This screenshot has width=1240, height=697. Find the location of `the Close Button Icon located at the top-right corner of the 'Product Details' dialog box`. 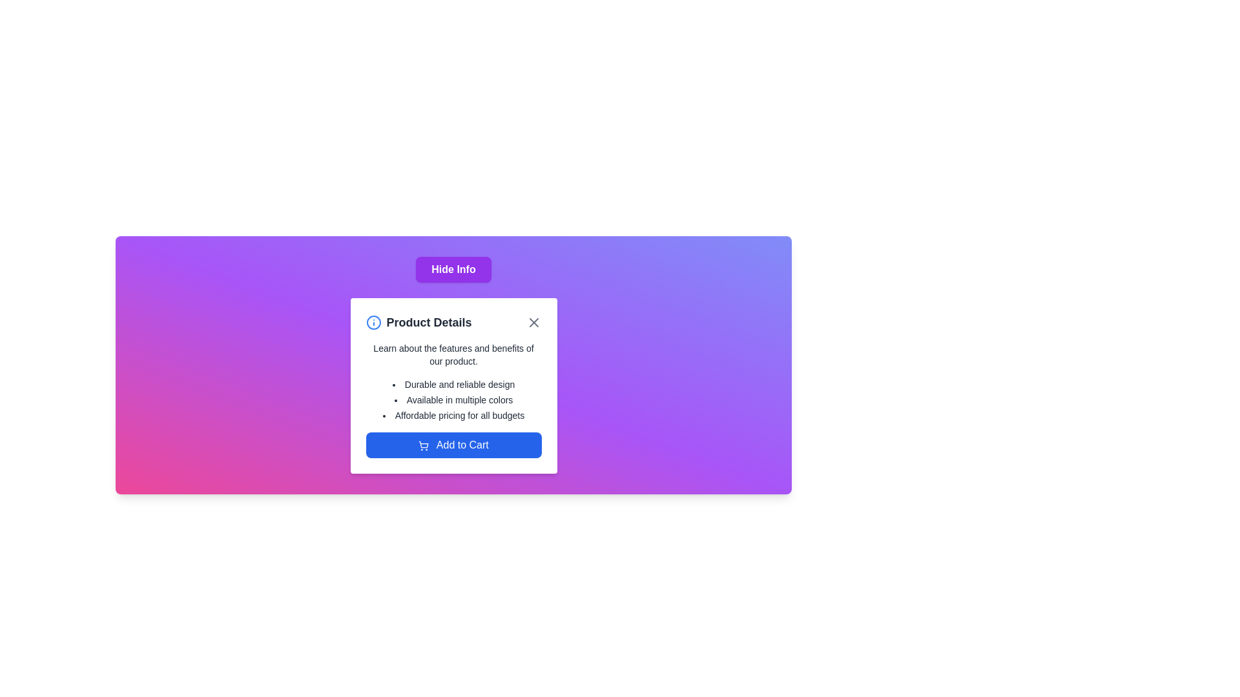

the Close Button Icon located at the top-right corner of the 'Product Details' dialog box is located at coordinates (533, 322).